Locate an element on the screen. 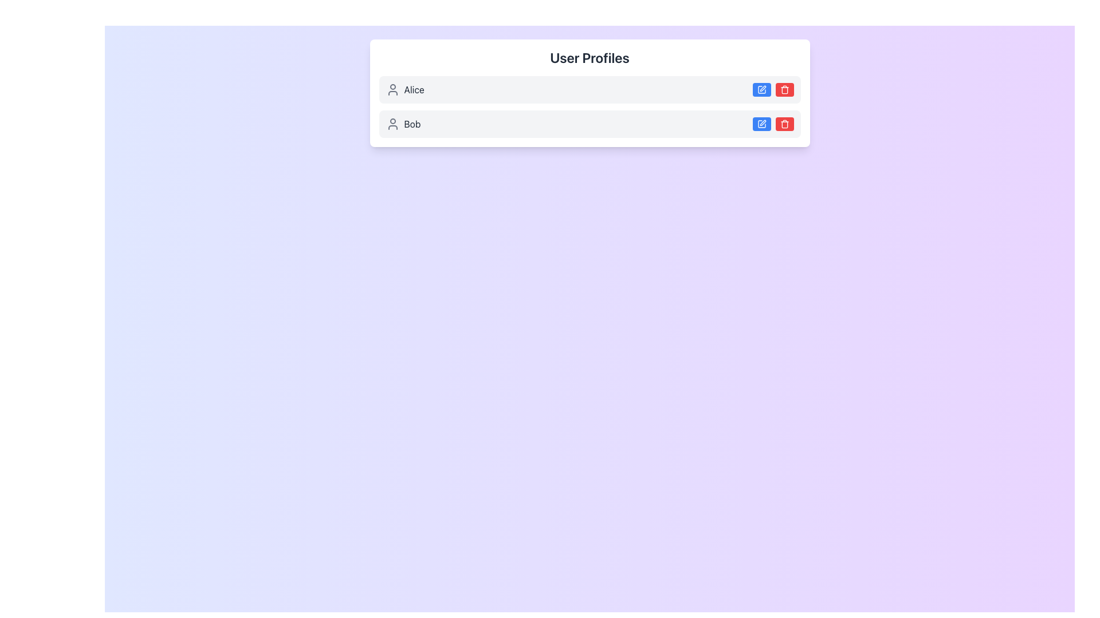 This screenshot has height=618, width=1100. the edit icon for the user entry labeled 'Bob' in the User Profiles list is located at coordinates (761, 124).